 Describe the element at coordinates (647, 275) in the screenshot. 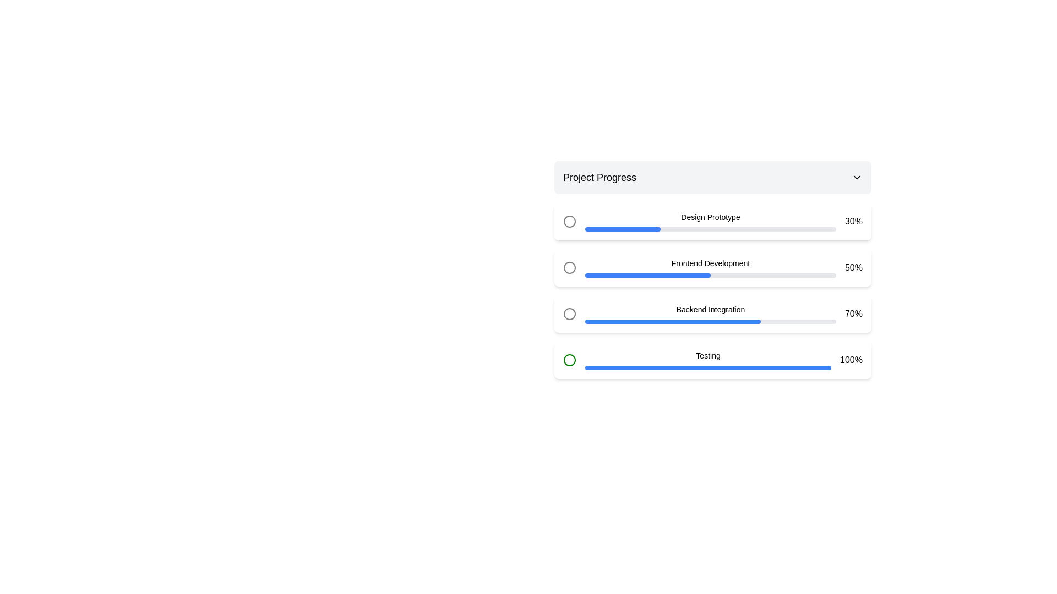

I see `the progress bar segment indicating 50% progress for the 'Frontend Development' task, located in the second row of the multi-section progress tracker` at that location.